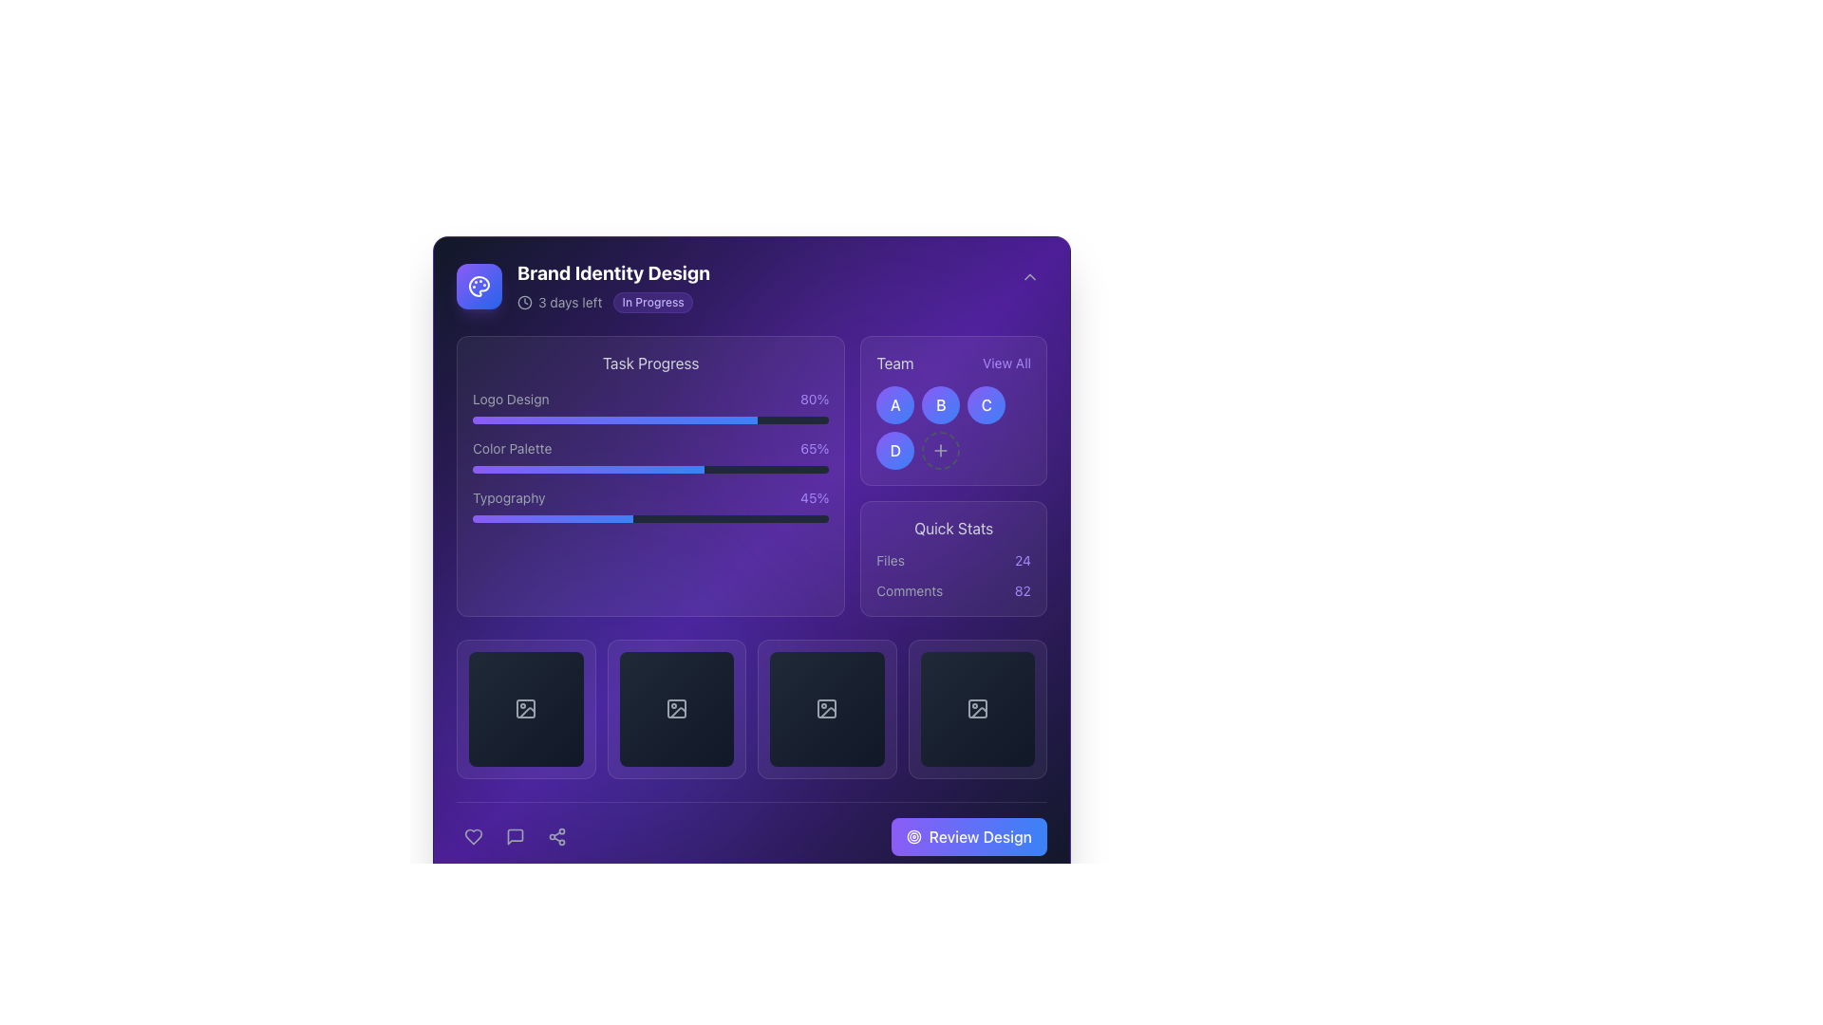  Describe the element at coordinates (676, 709) in the screenshot. I see `the Content Card Placeholder, which is the second element in a series of four evenly spaced items arranged horizontally at the bottom of the interface, located below the 'Task Progress' section` at that location.